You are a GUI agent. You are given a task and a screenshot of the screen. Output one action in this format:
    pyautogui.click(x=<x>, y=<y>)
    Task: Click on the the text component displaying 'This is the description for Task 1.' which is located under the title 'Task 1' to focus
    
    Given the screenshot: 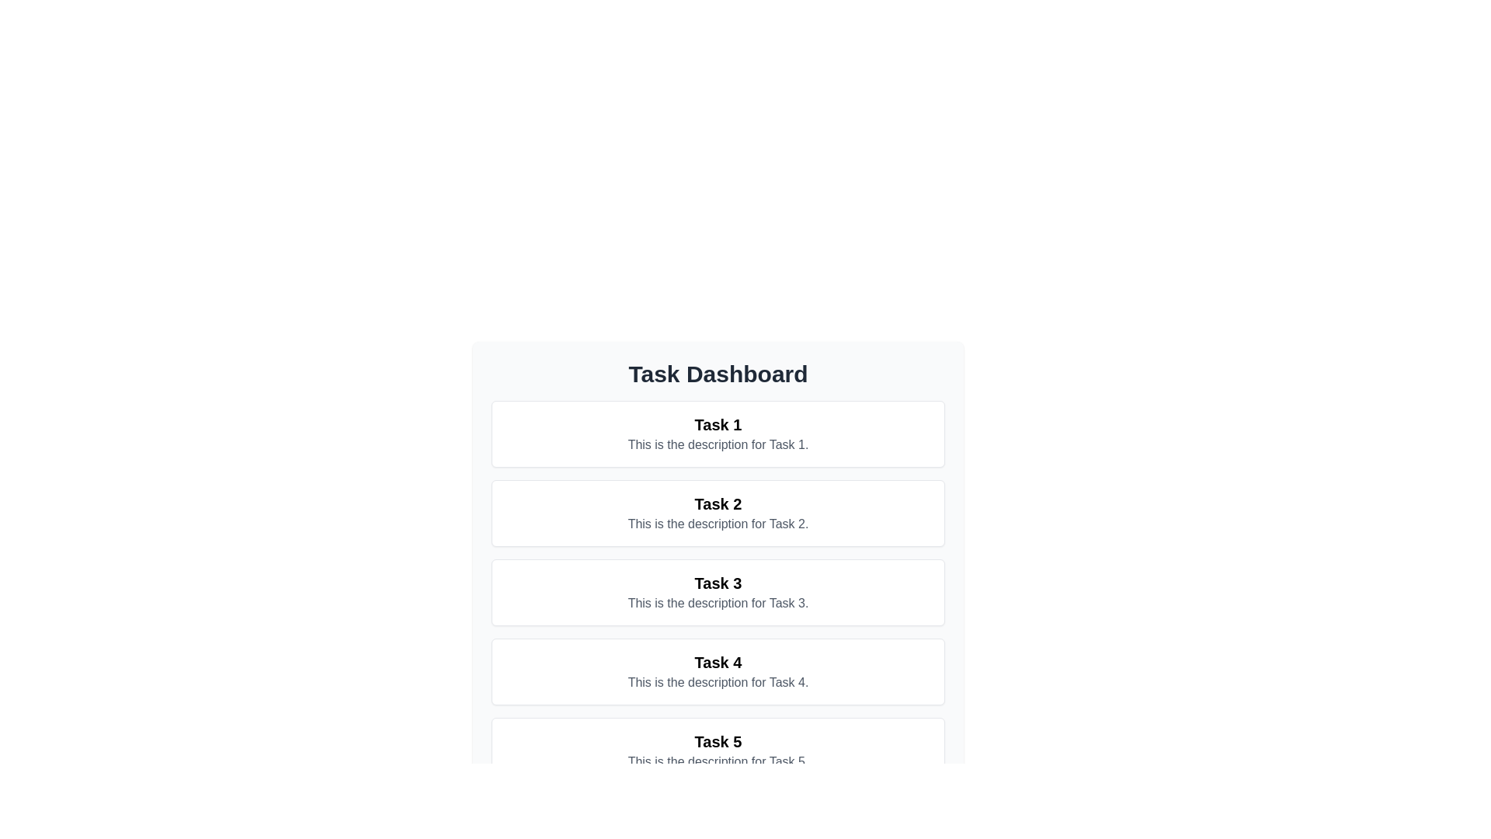 What is the action you would take?
    pyautogui.click(x=718, y=445)
    